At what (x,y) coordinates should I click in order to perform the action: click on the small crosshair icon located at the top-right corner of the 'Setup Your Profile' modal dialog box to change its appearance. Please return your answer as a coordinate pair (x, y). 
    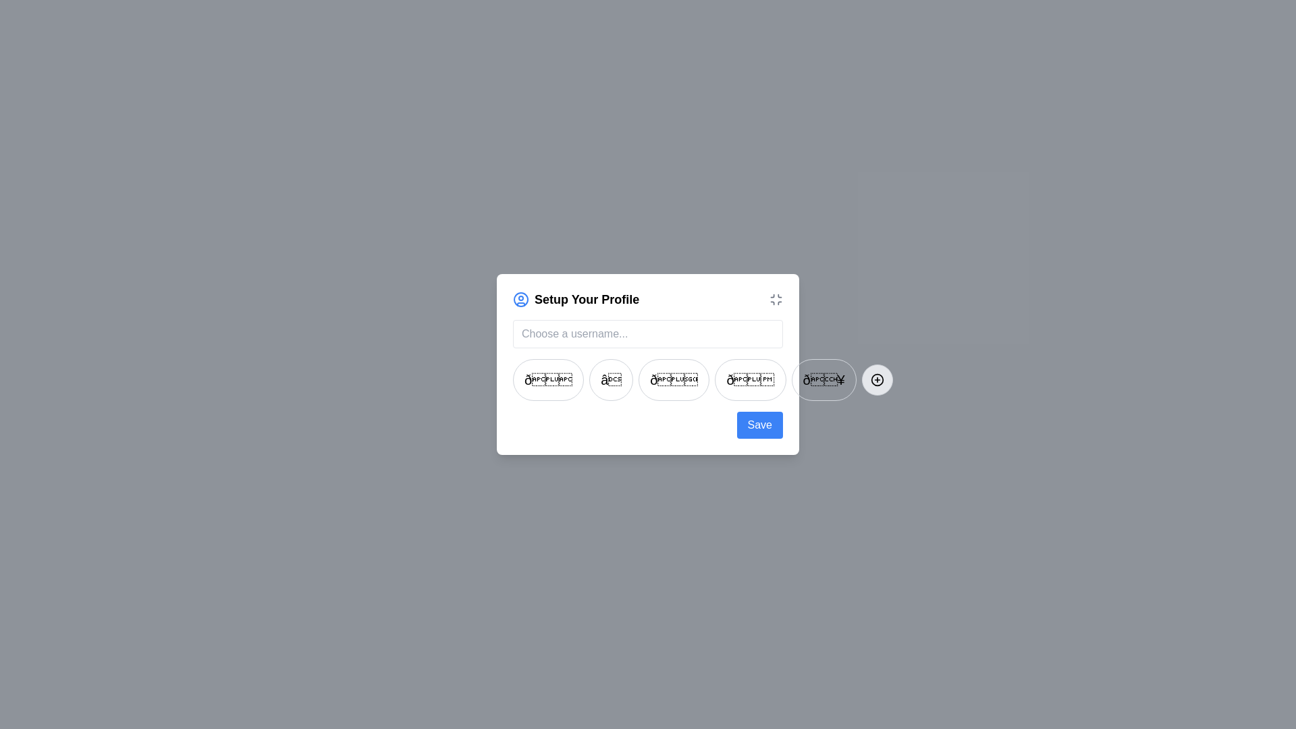
    Looking at the image, I should click on (776, 298).